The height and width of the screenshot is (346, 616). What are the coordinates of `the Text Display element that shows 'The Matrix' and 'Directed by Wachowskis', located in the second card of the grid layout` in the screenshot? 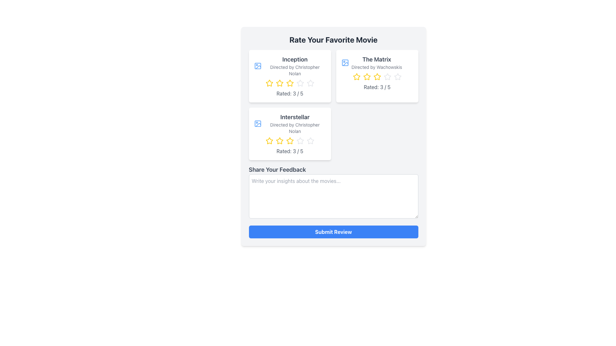 It's located at (377, 63).